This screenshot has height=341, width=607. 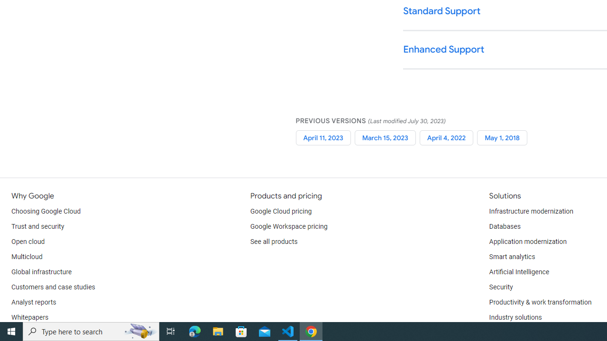 What do you see at coordinates (502, 137) in the screenshot?
I see `'May 1, 2018'` at bounding box center [502, 137].